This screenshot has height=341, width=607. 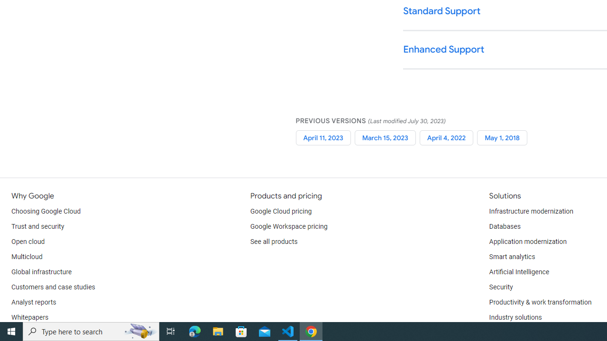 What do you see at coordinates (502, 137) in the screenshot?
I see `'May 1, 2018'` at bounding box center [502, 137].